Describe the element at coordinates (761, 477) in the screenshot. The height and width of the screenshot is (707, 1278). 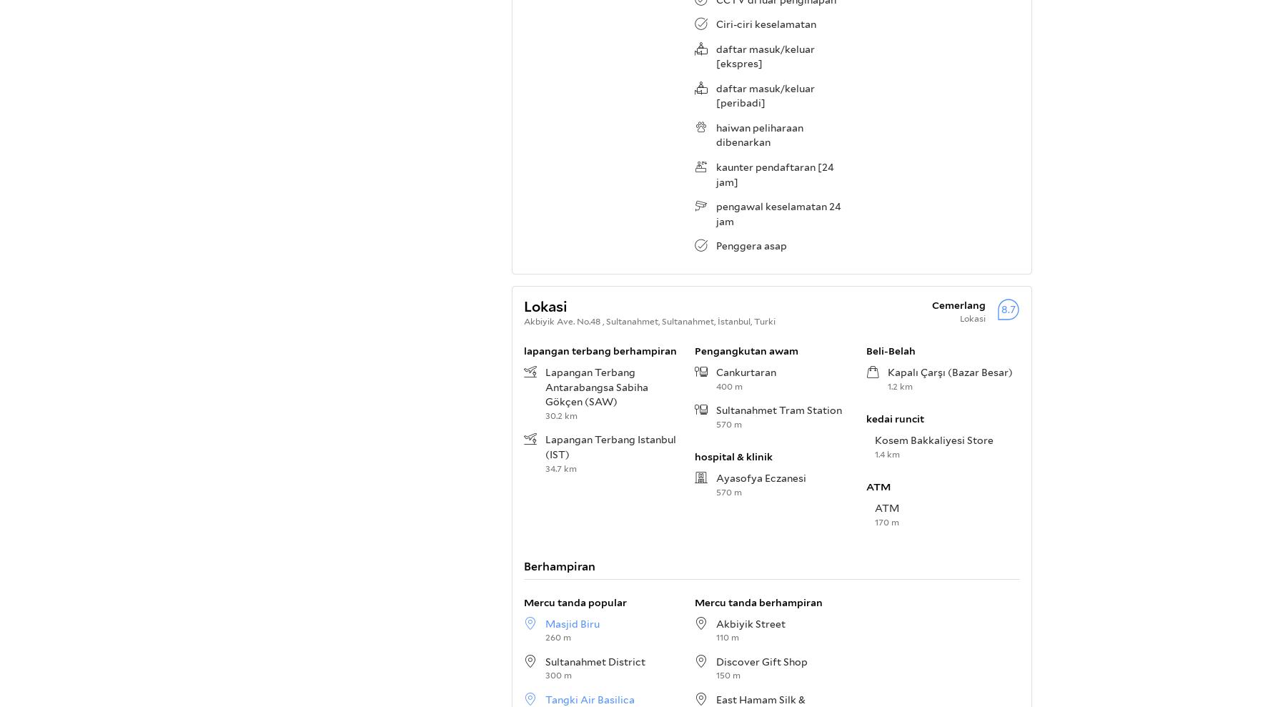
I see `'Ayasofya Eczanesi'` at that location.